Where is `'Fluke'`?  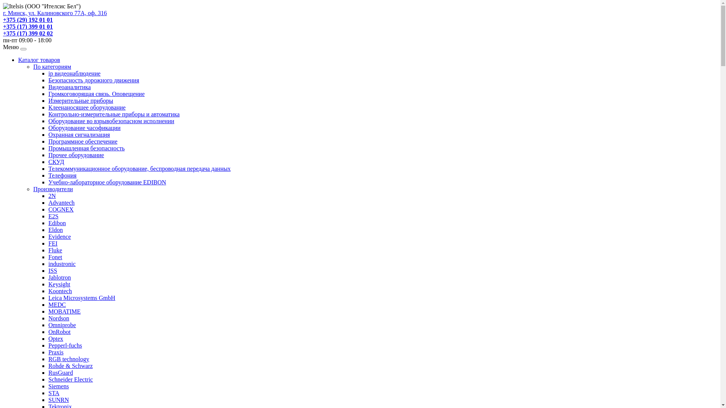
'Fluke' is located at coordinates (54, 250).